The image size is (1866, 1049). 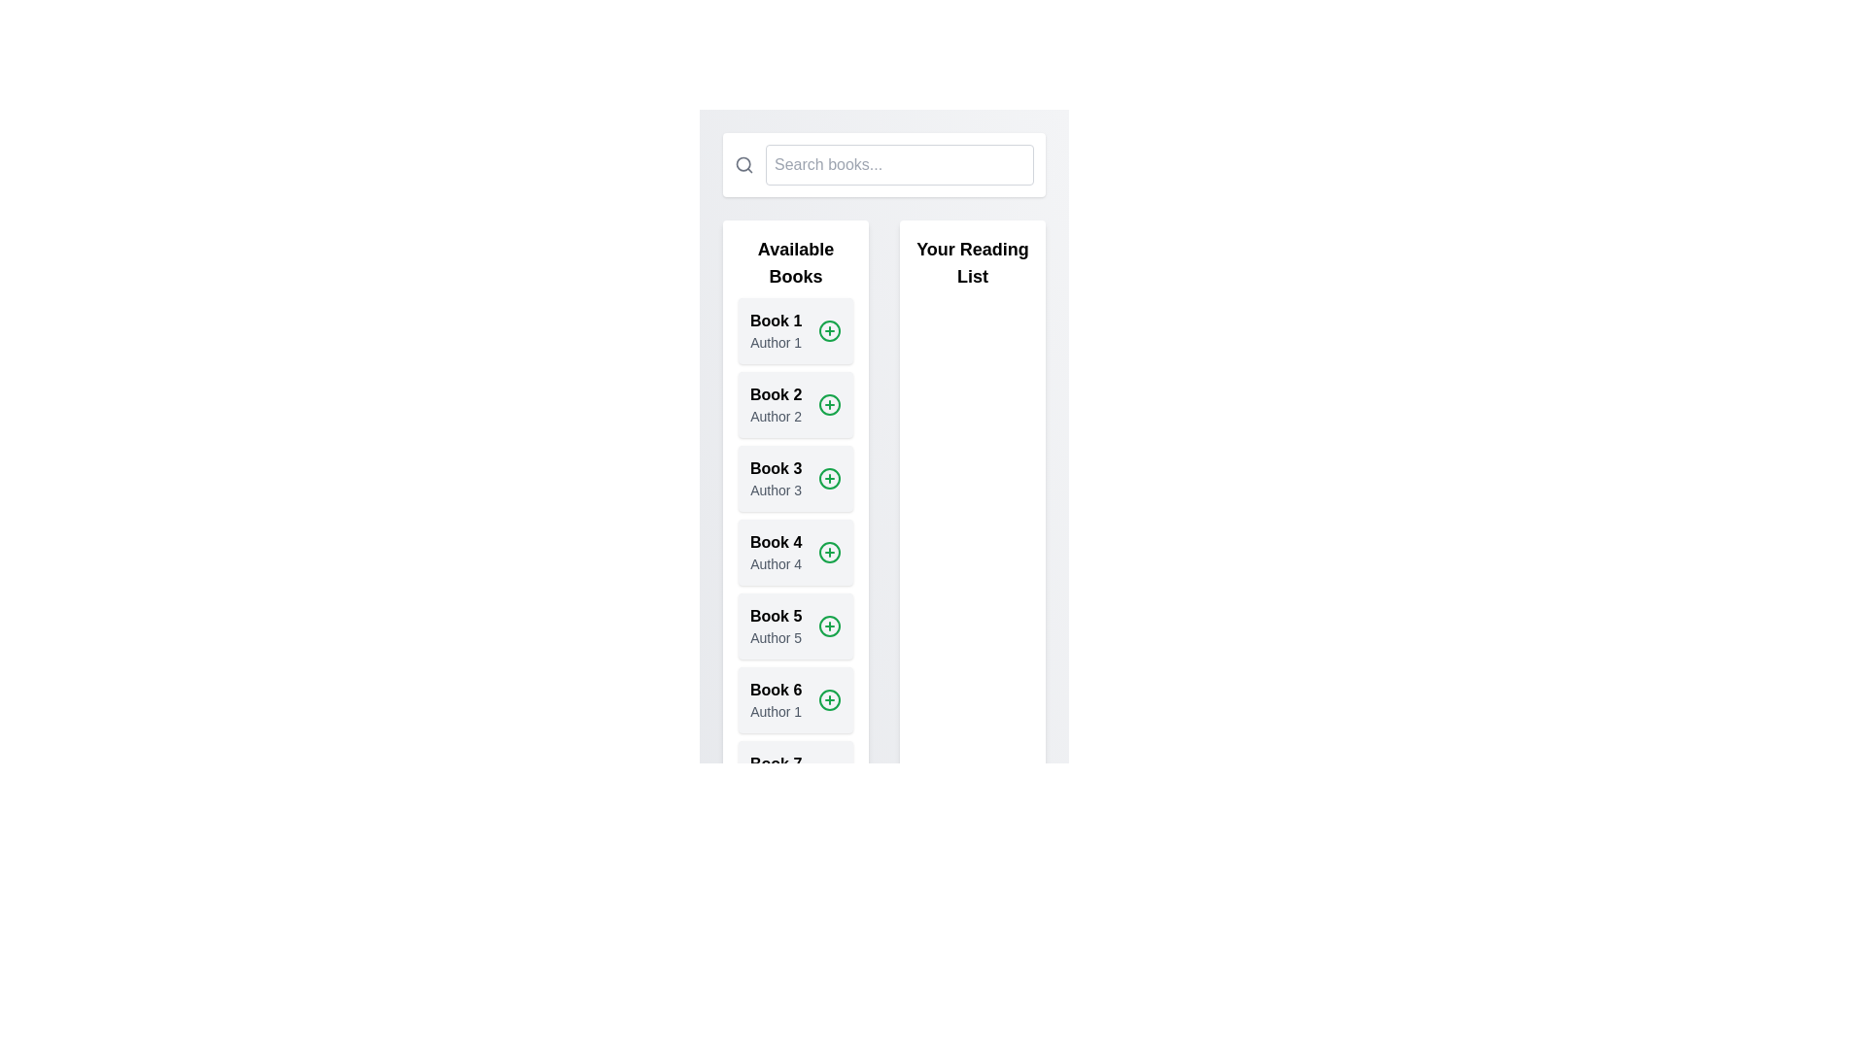 I want to click on the text label indicating the author of the book titled 'Book 1' located beneath the bold text 'Book 1' in the 'Available Books' section, so click(x=775, y=342).